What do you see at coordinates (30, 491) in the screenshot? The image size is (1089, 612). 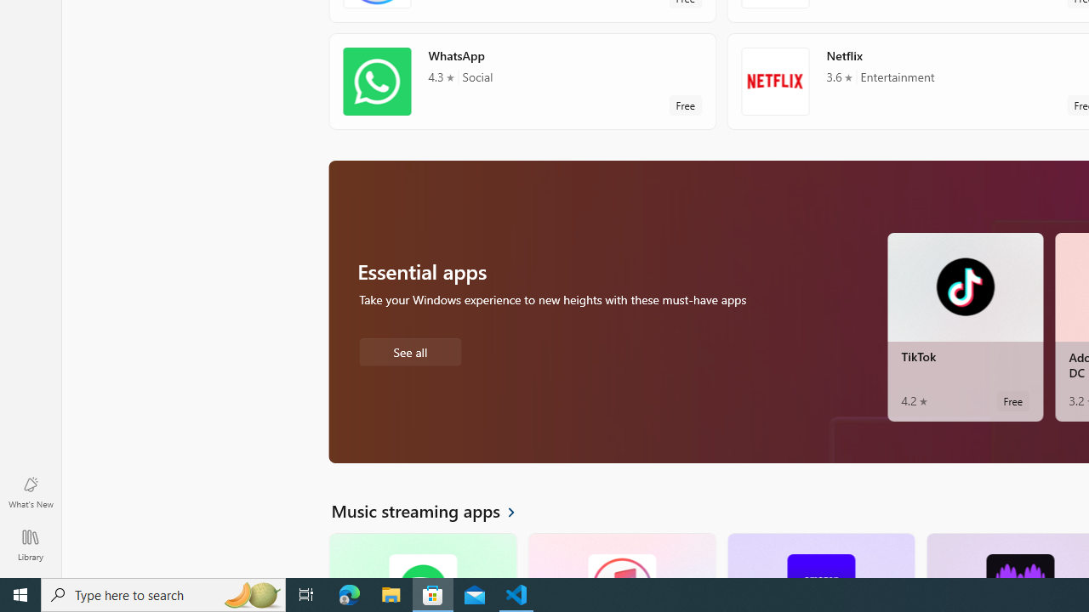 I see `'What'` at bounding box center [30, 491].